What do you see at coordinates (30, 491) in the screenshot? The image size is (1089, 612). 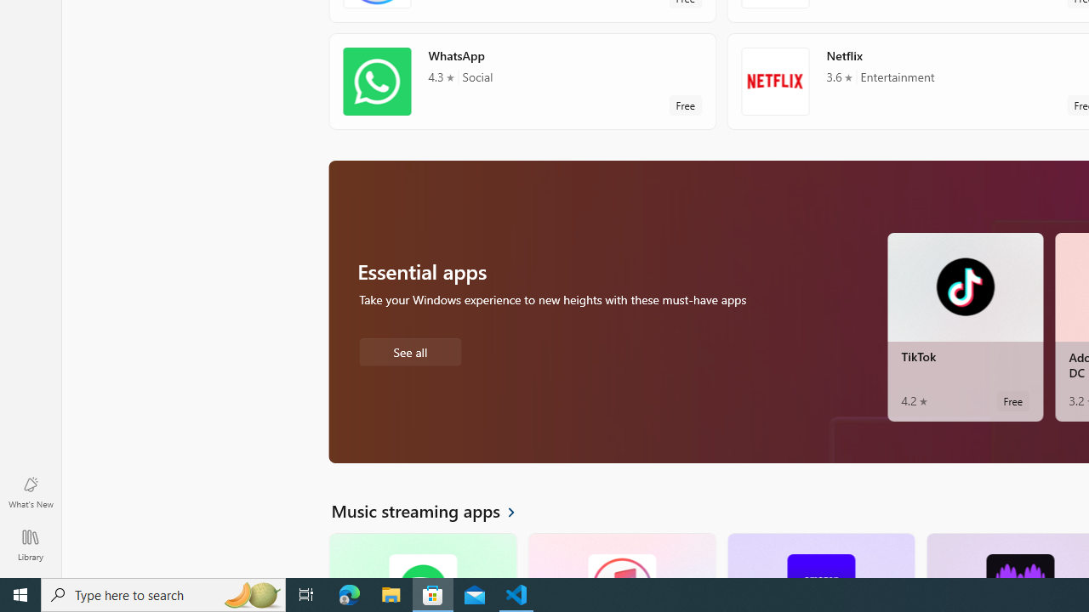 I see `'What'` at bounding box center [30, 491].